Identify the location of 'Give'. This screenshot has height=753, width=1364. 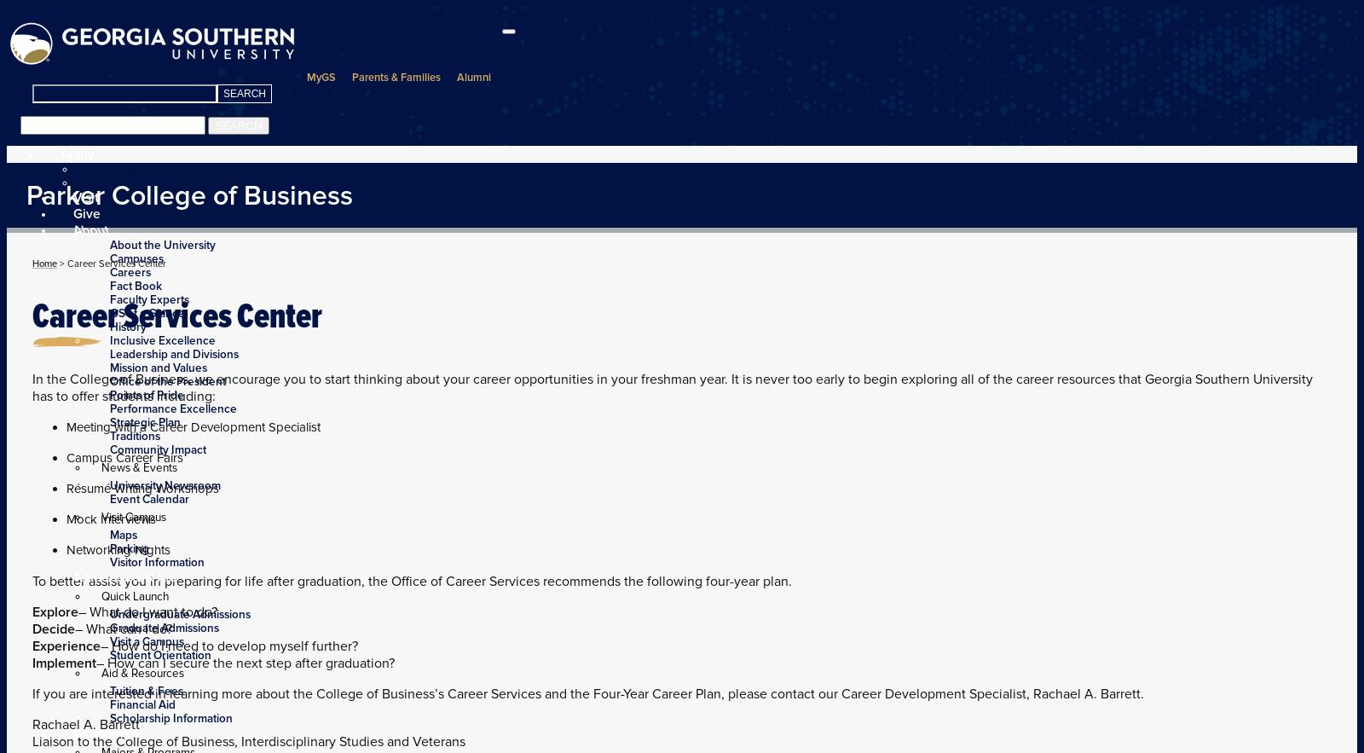
(86, 212).